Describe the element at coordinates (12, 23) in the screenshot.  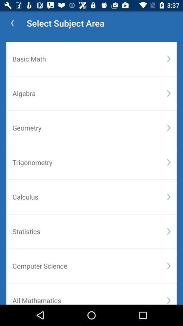
I see `icon above basic math item` at that location.